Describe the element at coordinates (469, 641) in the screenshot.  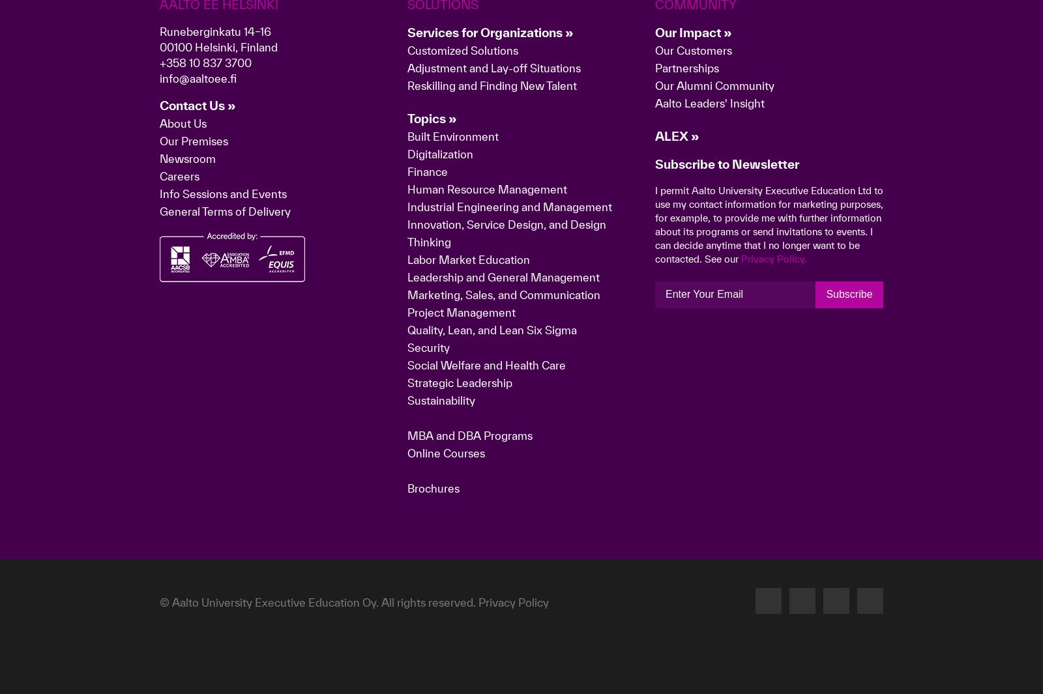
I see `'MBA and DBA Programs'` at that location.